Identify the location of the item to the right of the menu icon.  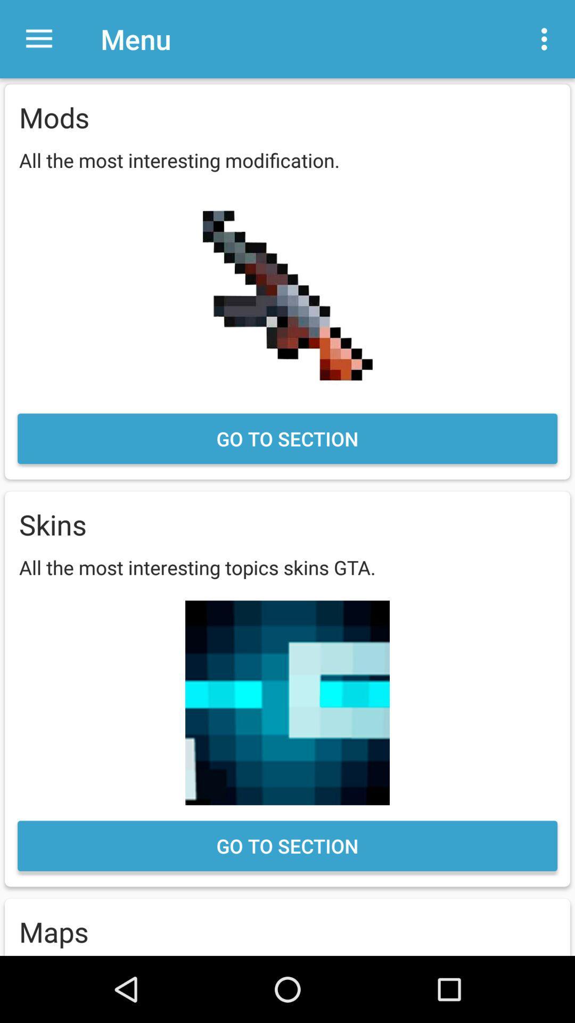
(547, 39).